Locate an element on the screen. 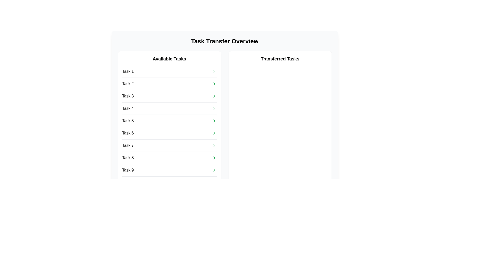 Image resolution: width=483 pixels, height=272 pixels. the fourth list item in the 'Available Tasks' section is located at coordinates (169, 108).